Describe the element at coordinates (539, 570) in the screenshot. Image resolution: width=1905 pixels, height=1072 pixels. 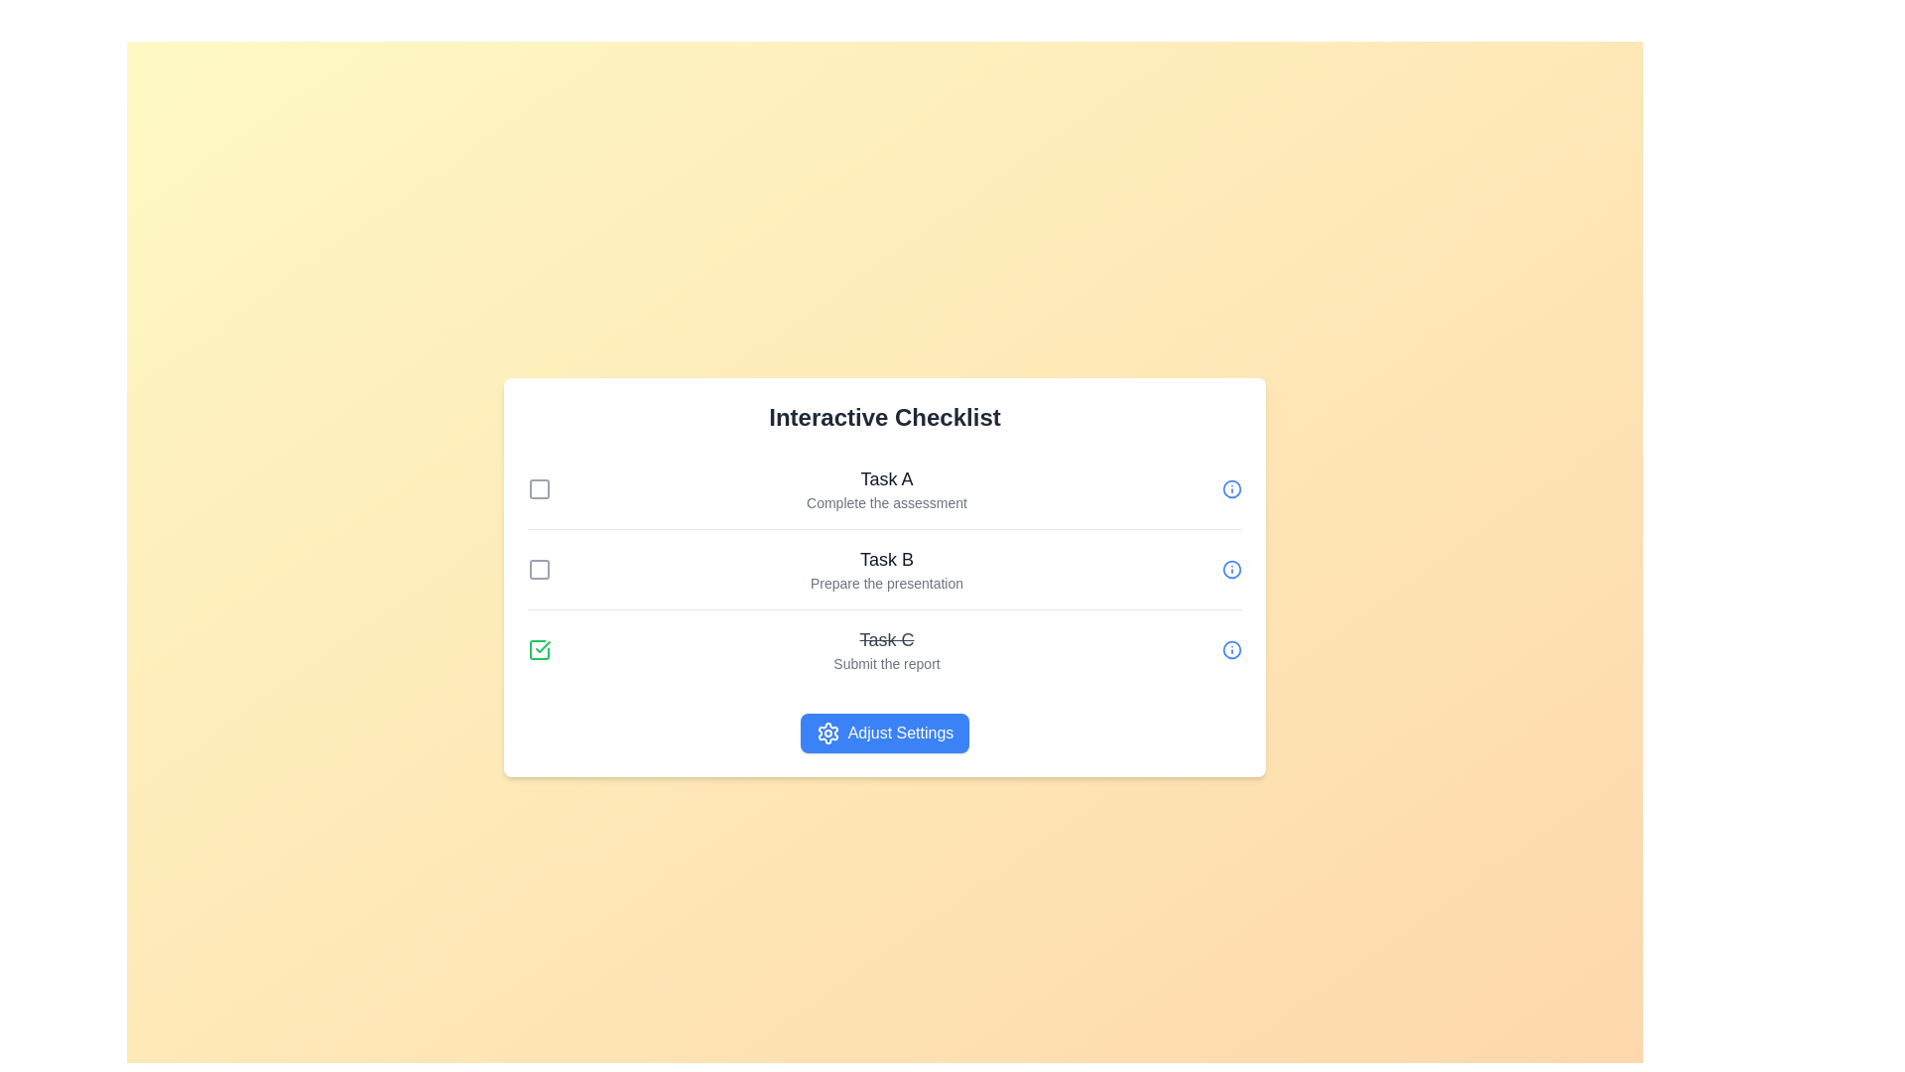
I see `the checkbox corresponding to Task B` at that location.